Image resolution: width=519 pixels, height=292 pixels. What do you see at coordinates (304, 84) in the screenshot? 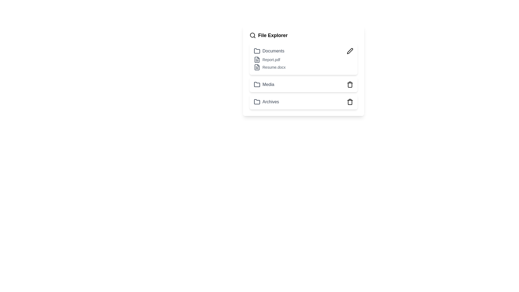
I see `the 'Media' Card element, which is the third item in a file explorer list` at bounding box center [304, 84].